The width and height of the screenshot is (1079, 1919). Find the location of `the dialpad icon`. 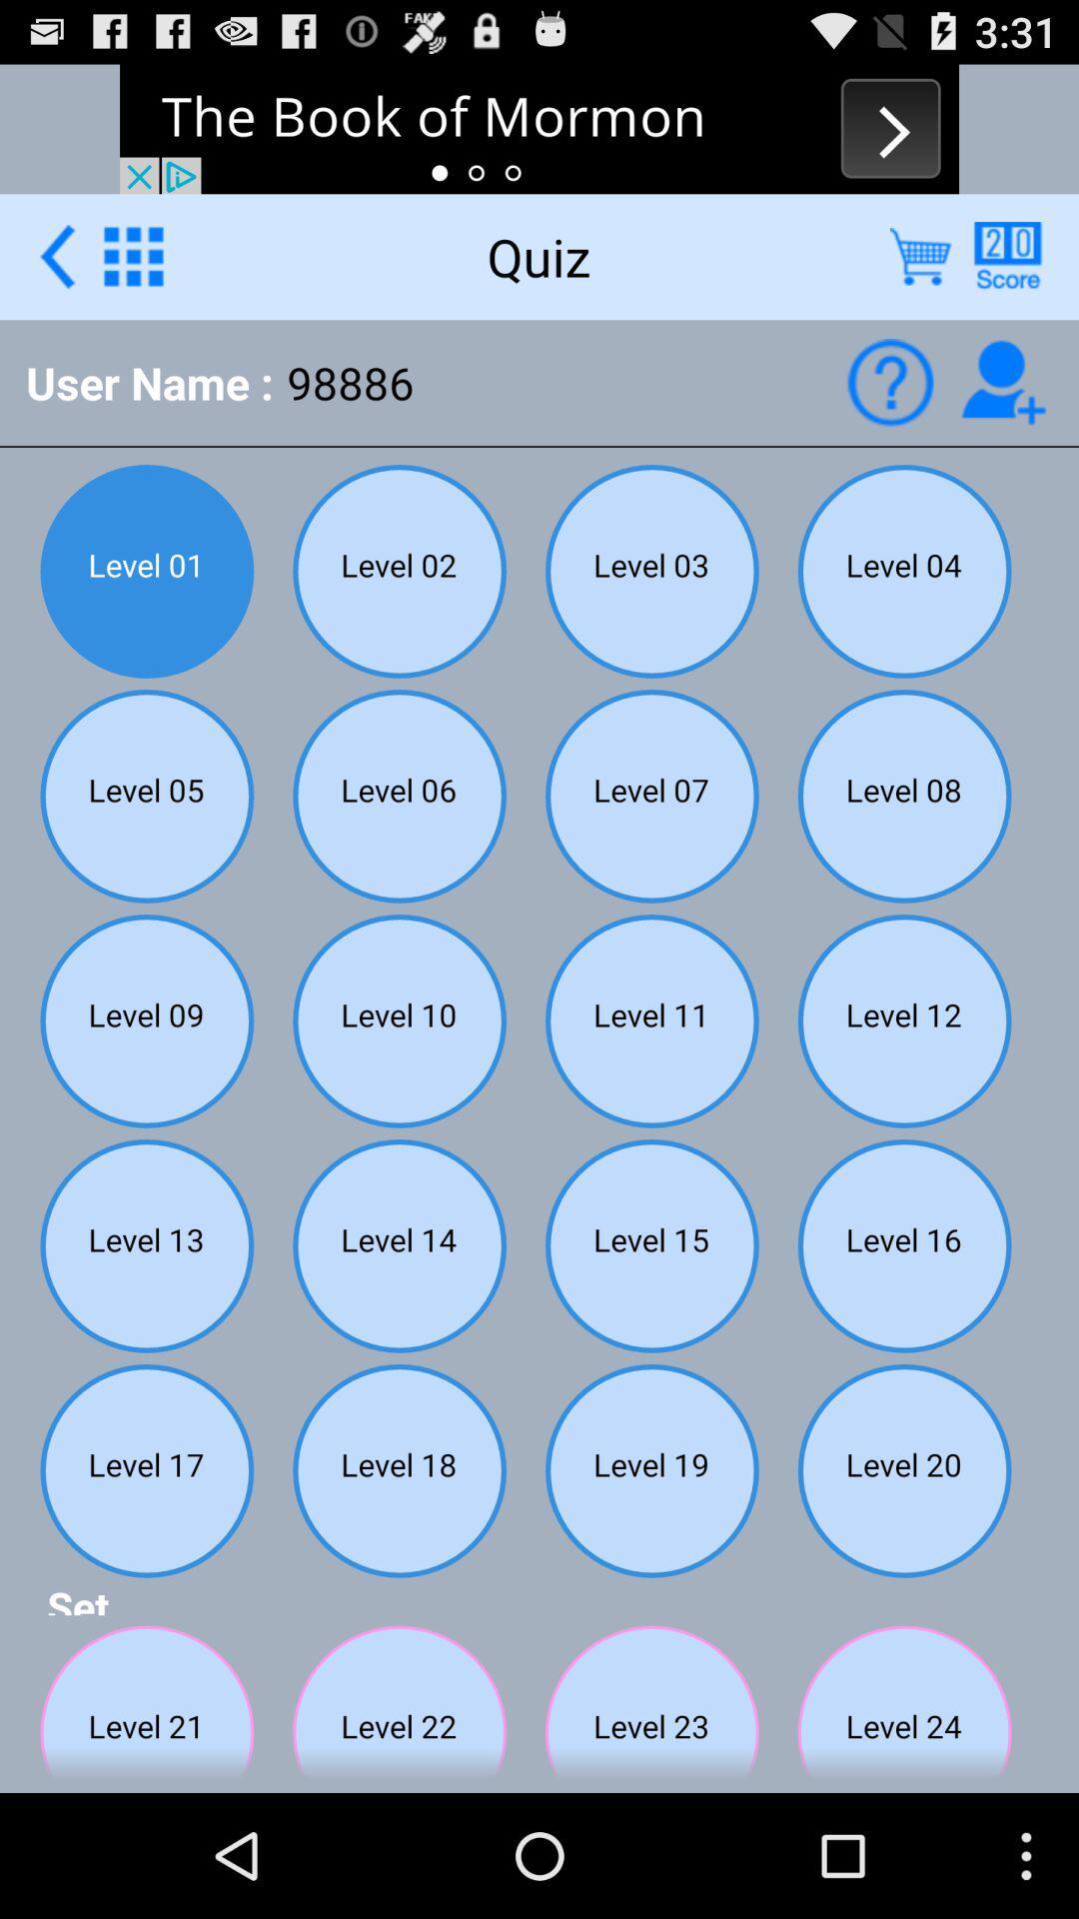

the dialpad icon is located at coordinates (133, 273).